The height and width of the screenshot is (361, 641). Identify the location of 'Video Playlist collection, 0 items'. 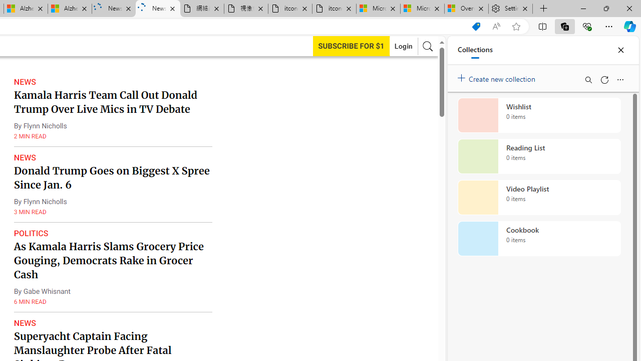
(539, 198).